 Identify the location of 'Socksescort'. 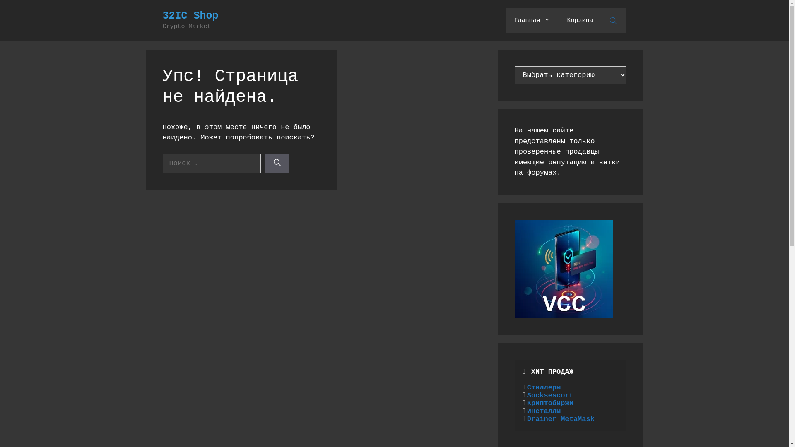
(526, 395).